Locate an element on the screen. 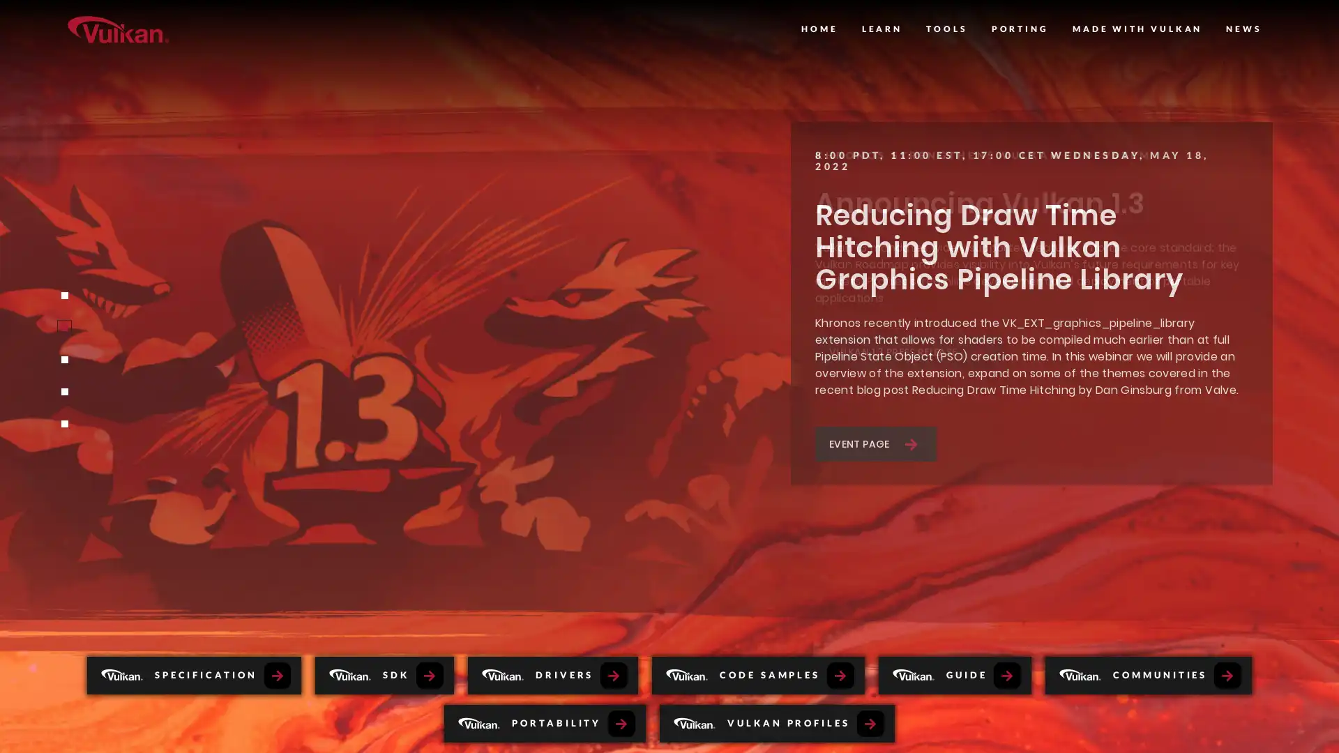 The width and height of the screenshot is (1339, 753). 5 is located at coordinates (63, 423).